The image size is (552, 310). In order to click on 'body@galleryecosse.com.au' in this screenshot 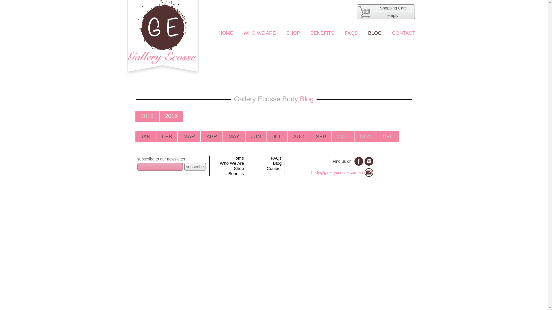, I will do `click(337, 172)`.